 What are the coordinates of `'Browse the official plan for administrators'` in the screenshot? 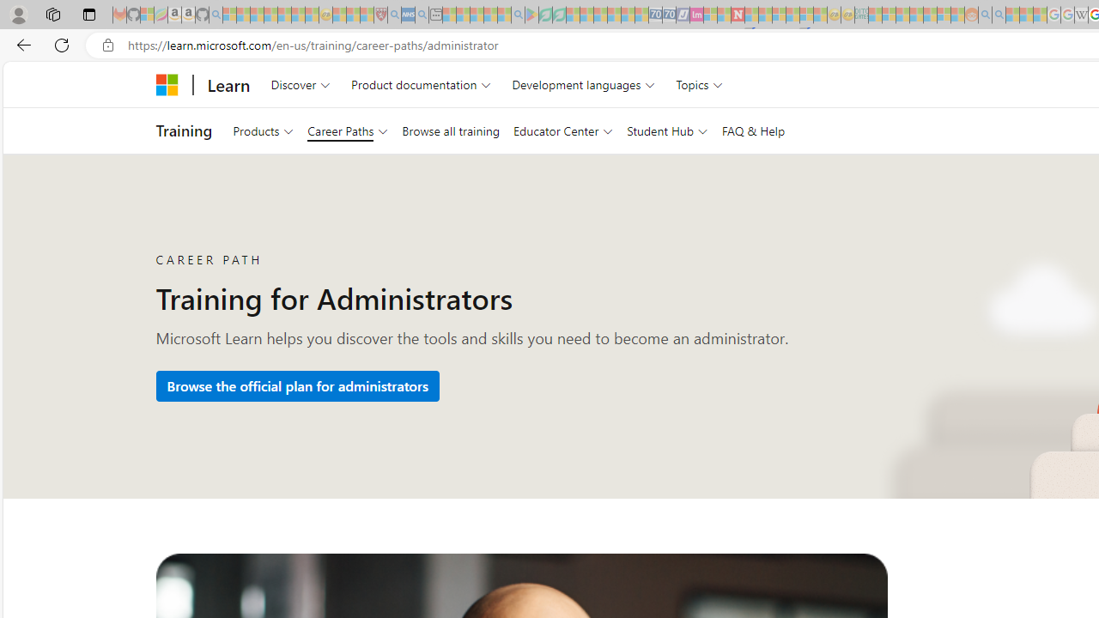 It's located at (297, 385).